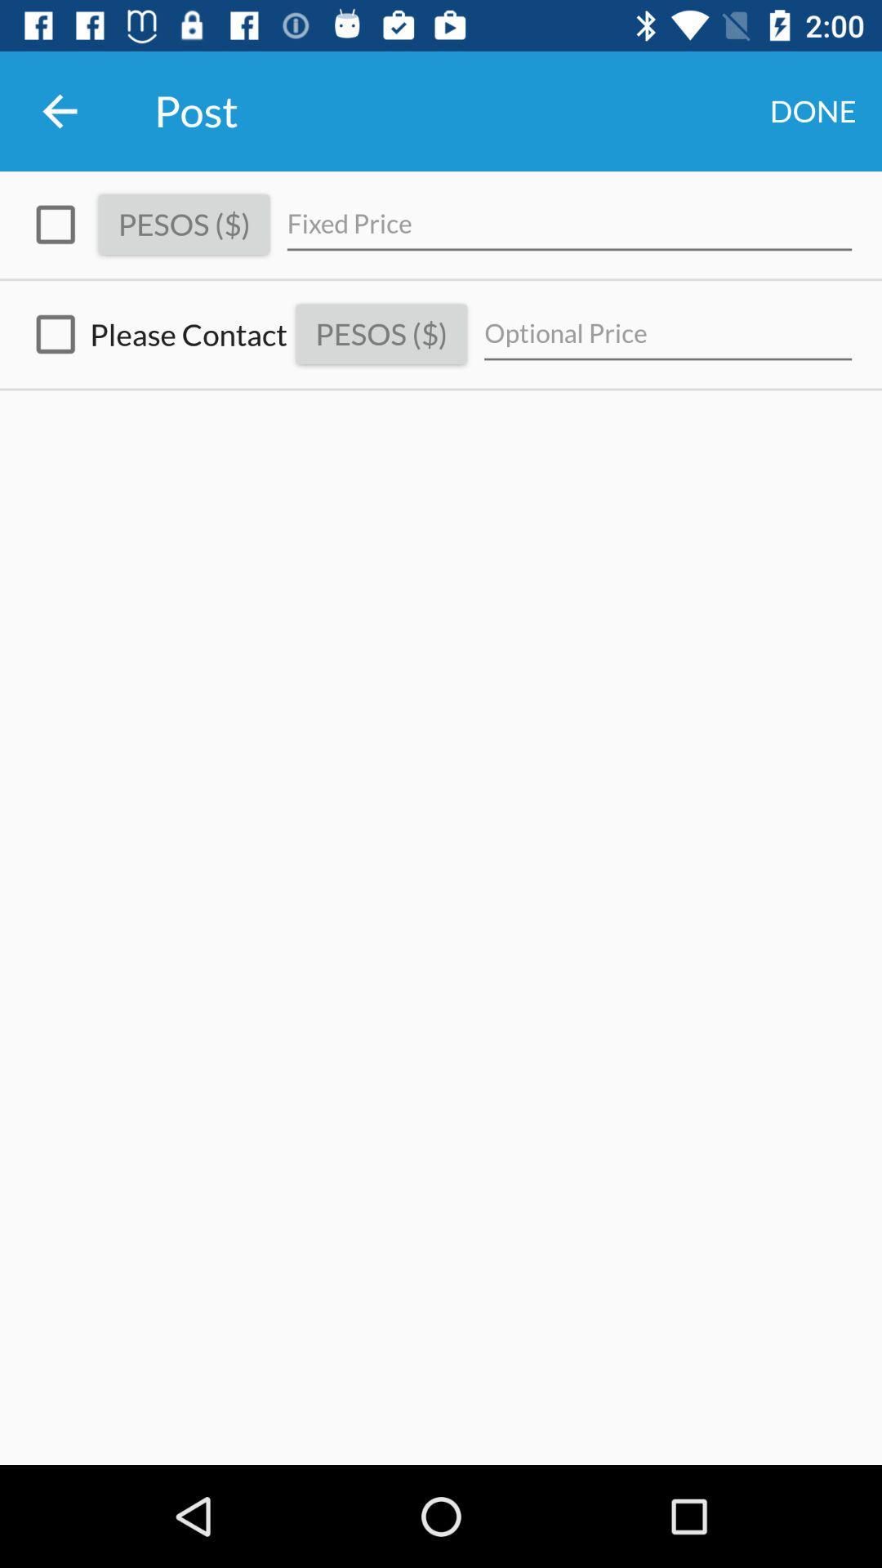 Image resolution: width=882 pixels, height=1568 pixels. Describe the element at coordinates (154, 333) in the screenshot. I see `icon to the left of the pesos ($)` at that location.